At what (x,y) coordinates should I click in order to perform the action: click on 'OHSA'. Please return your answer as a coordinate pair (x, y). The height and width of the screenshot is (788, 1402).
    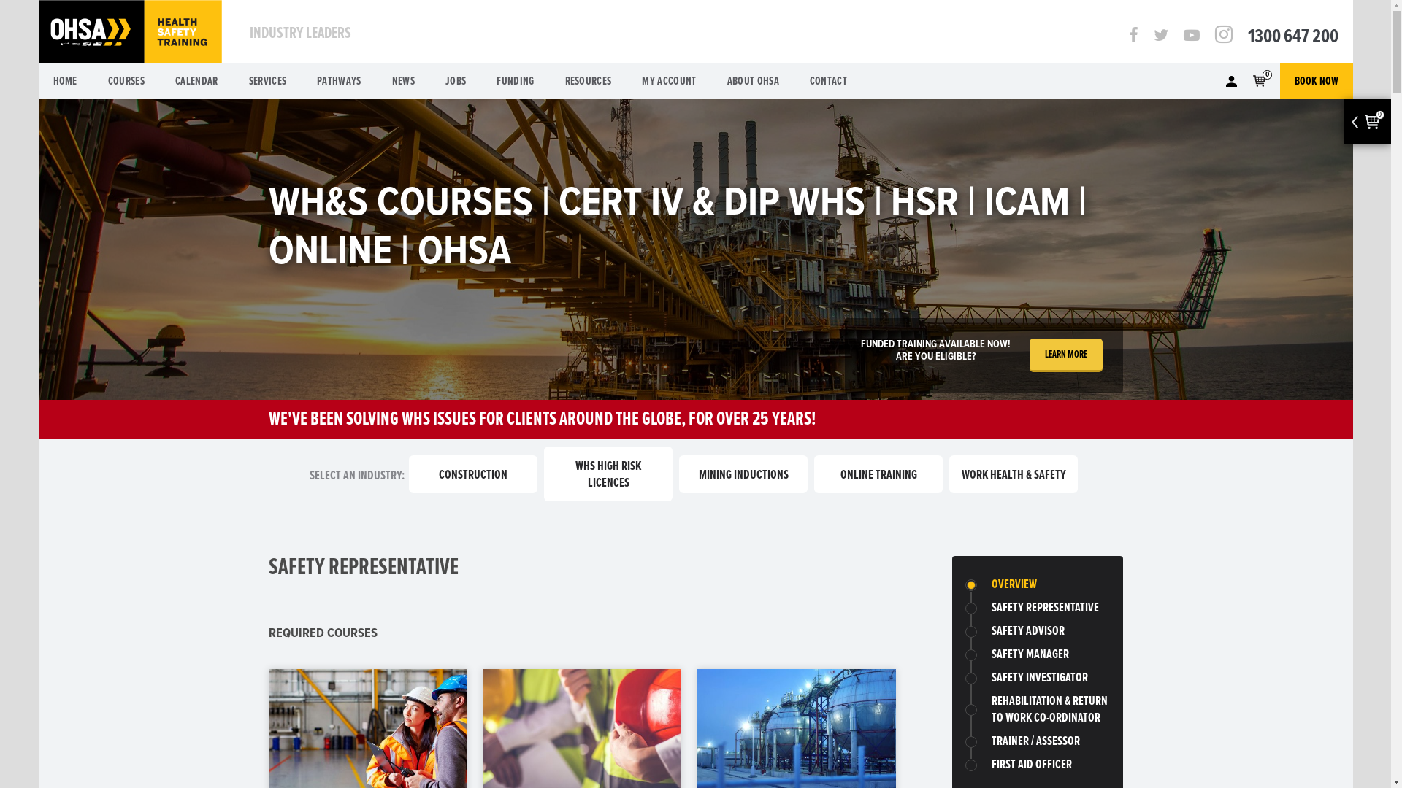
    Looking at the image, I should click on (129, 33).